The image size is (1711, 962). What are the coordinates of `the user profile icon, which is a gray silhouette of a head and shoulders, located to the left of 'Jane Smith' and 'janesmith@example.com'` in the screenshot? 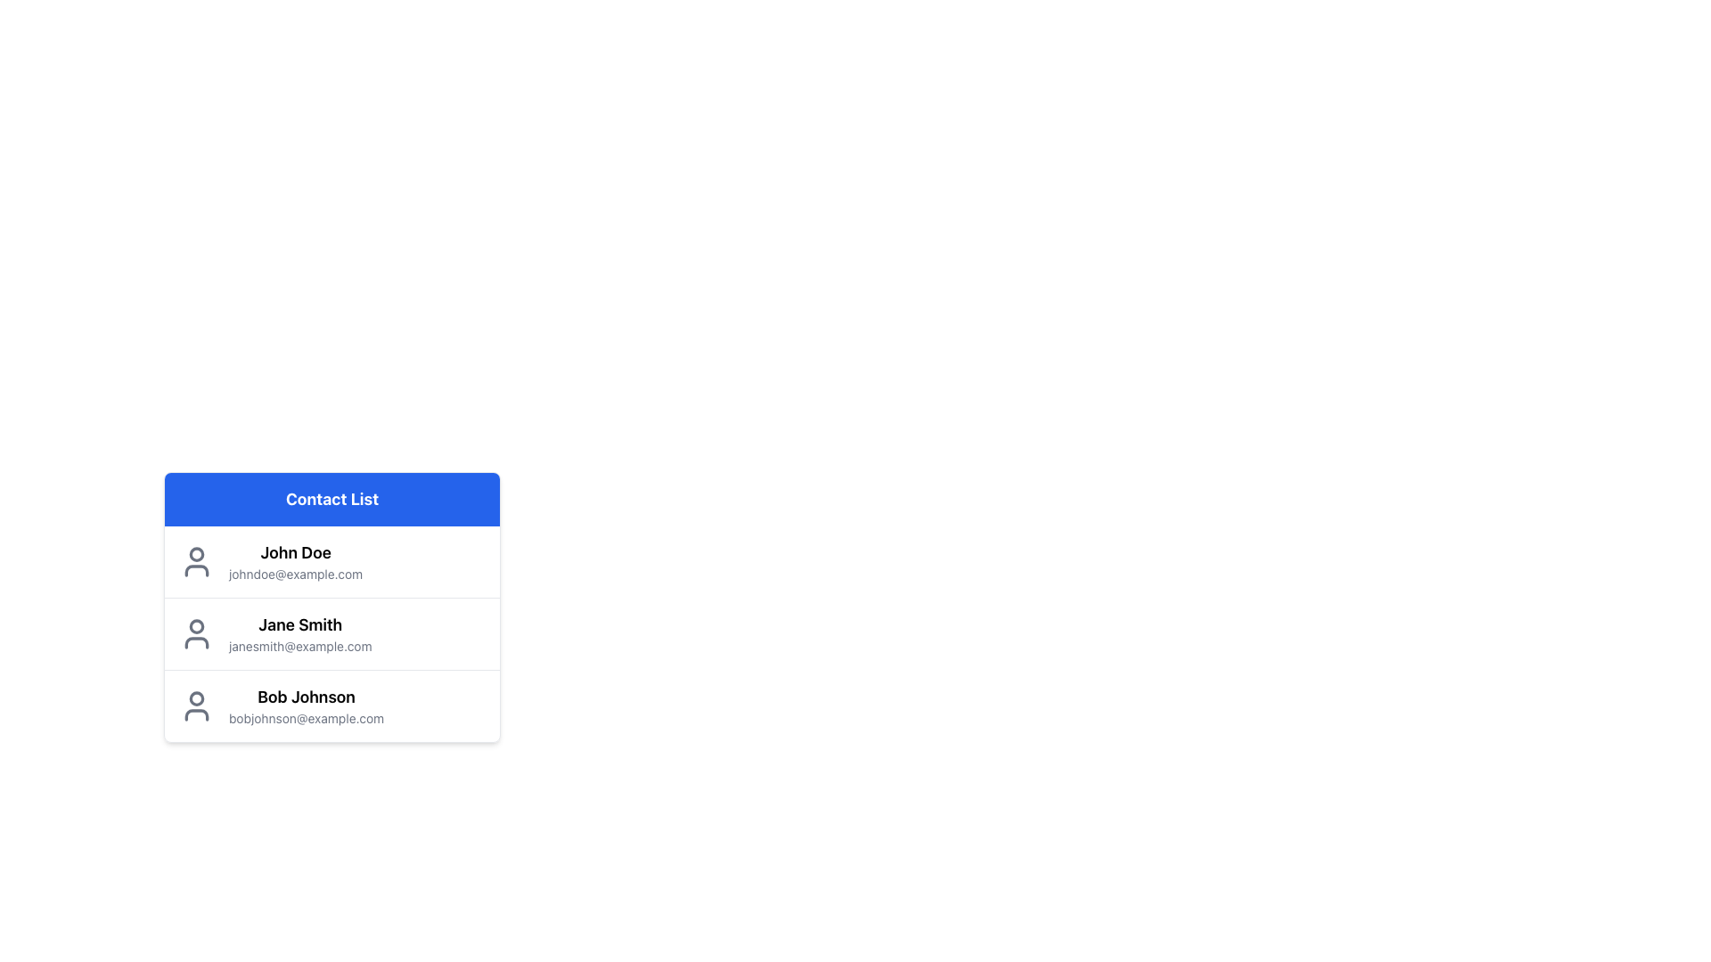 It's located at (196, 633).